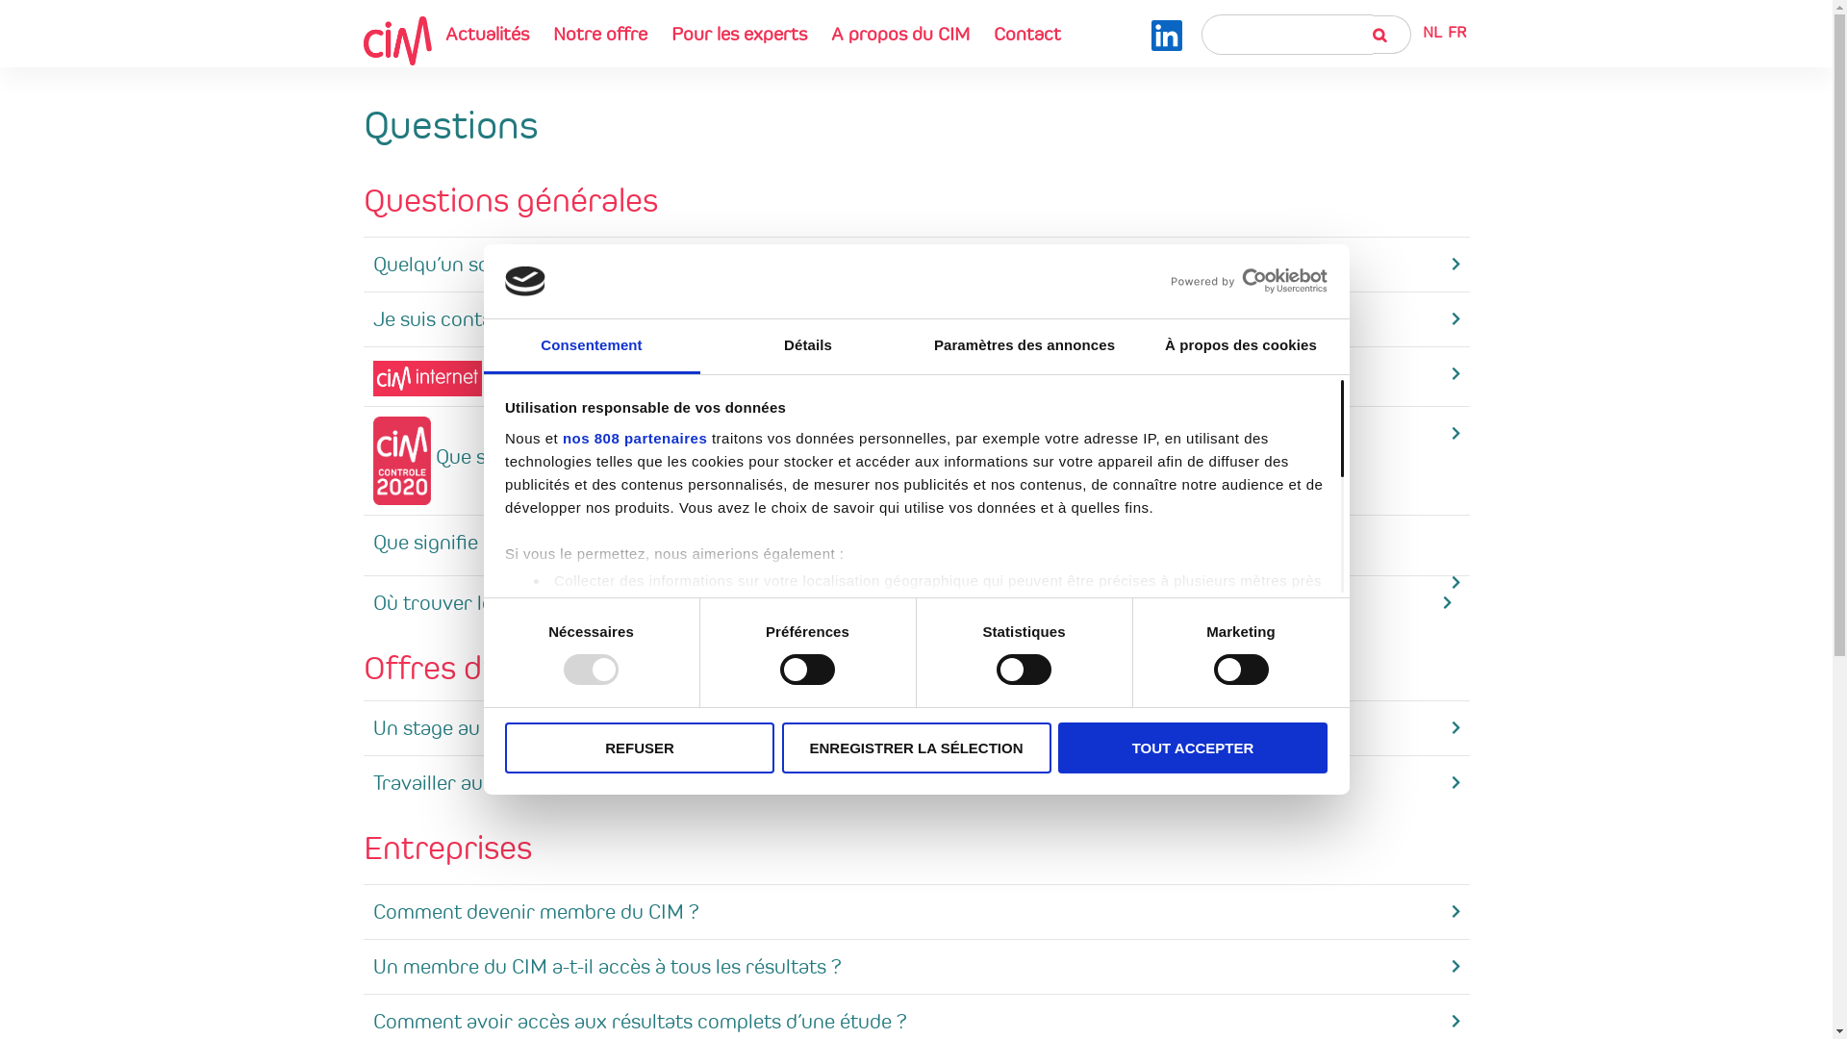 The width and height of the screenshot is (1847, 1039). Describe the element at coordinates (1456, 32) in the screenshot. I see `'FR'` at that location.